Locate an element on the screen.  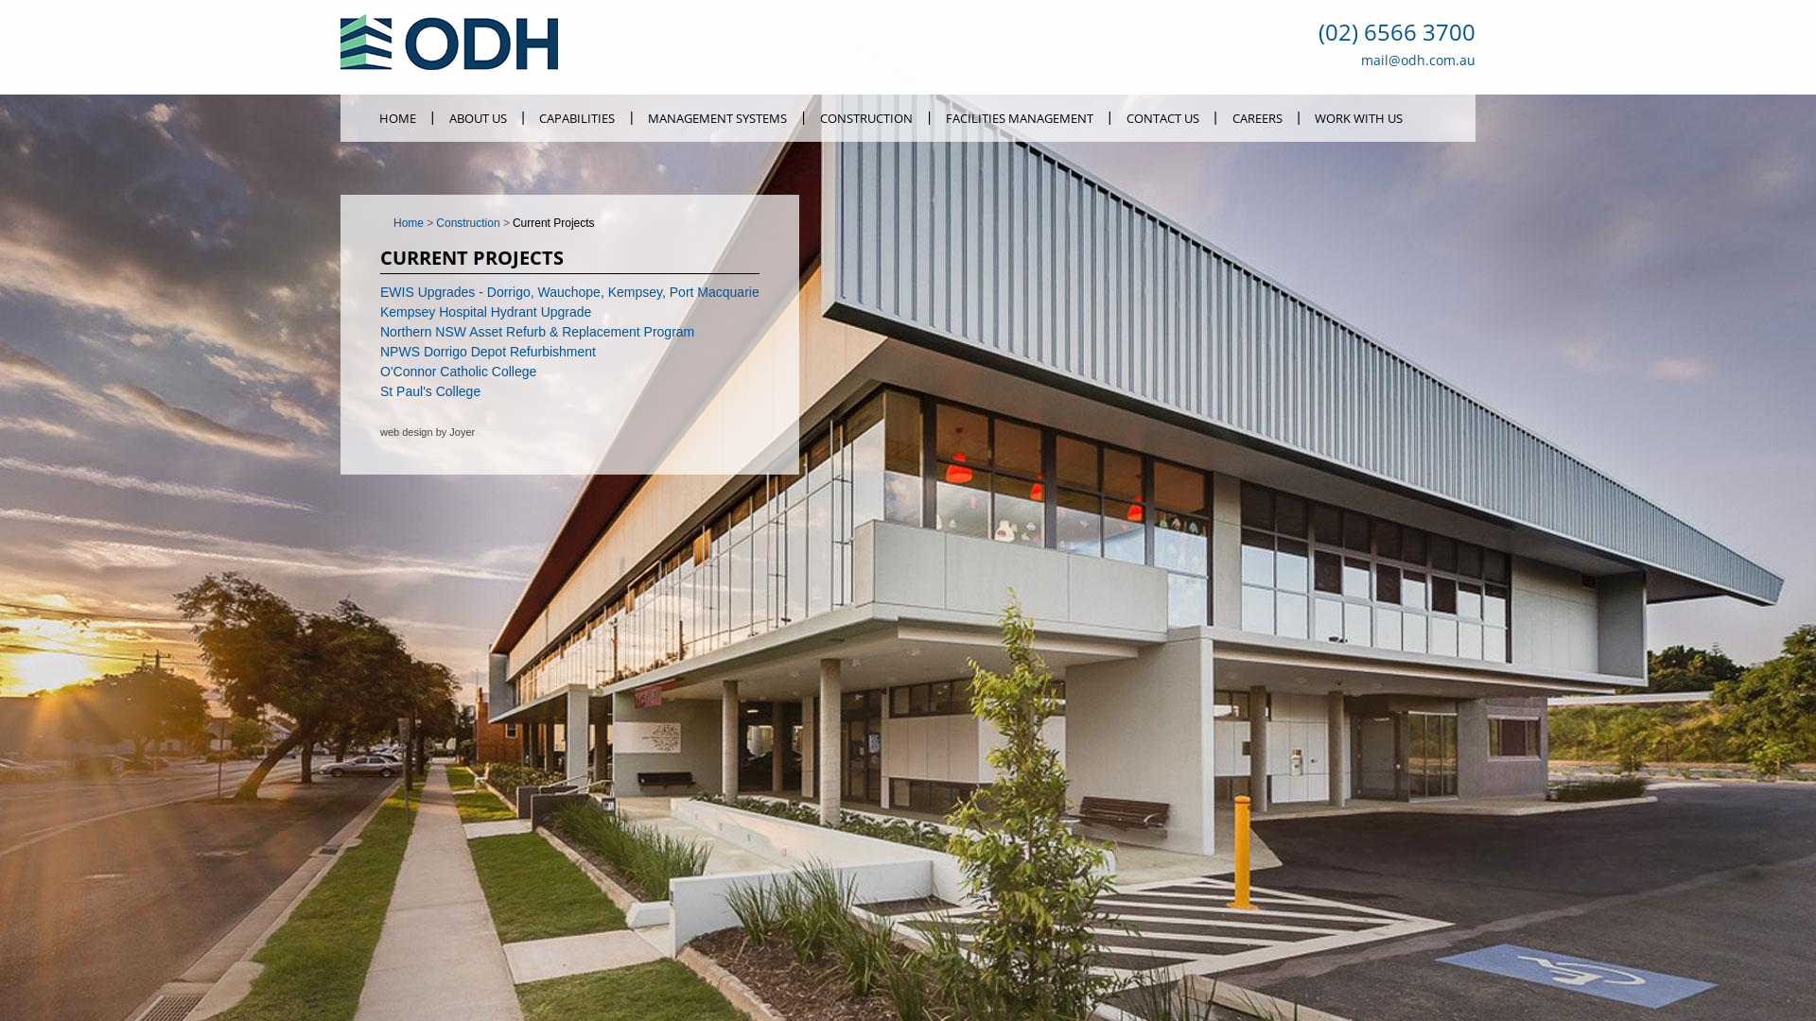
'CAPABILITIES' is located at coordinates (576, 117).